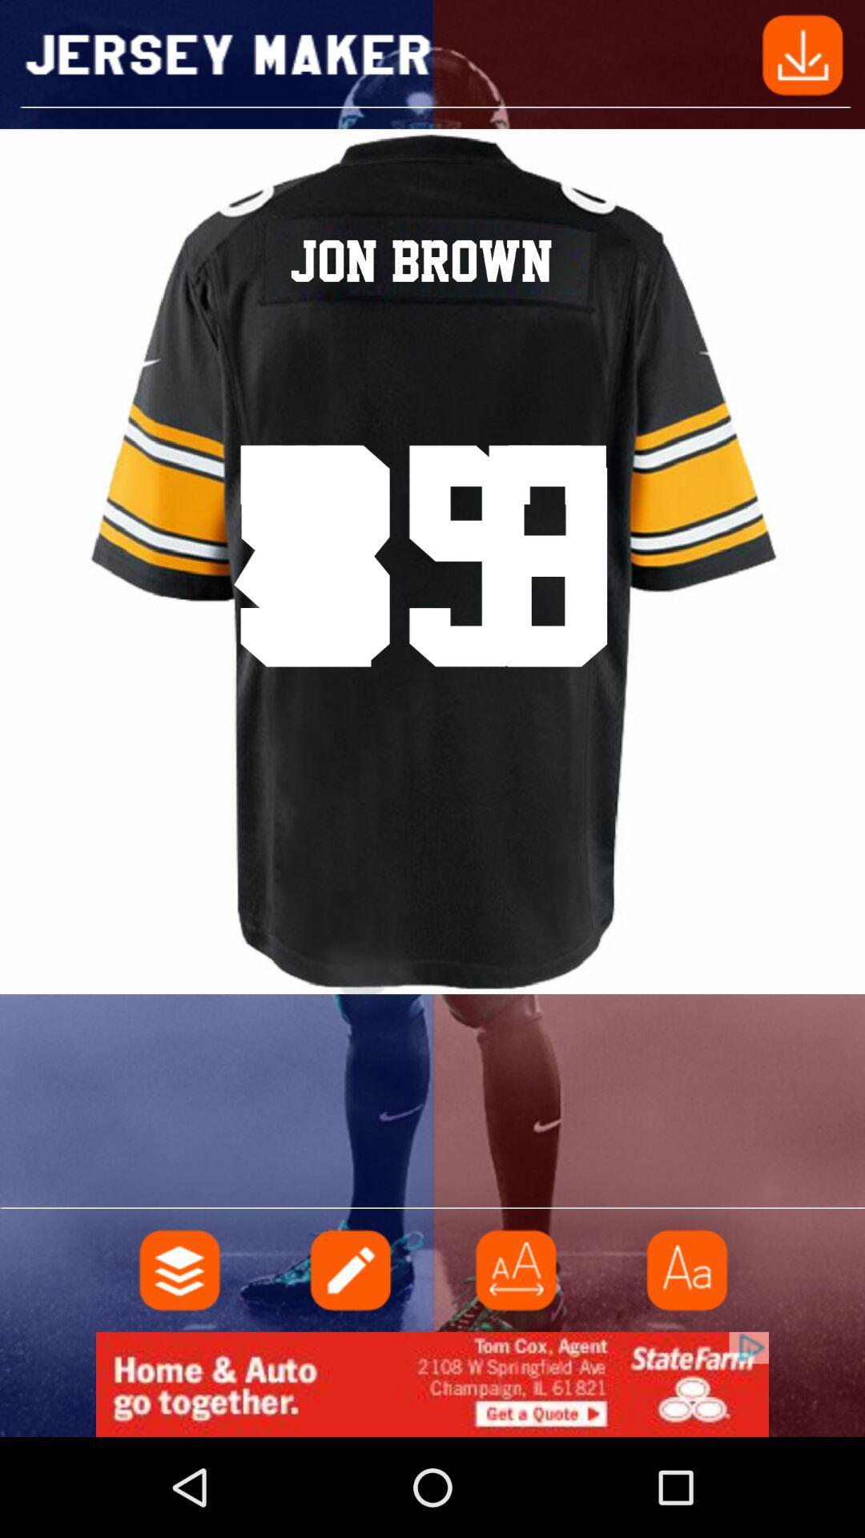 The height and width of the screenshot is (1538, 865). I want to click on to edit something, so click(348, 1269).